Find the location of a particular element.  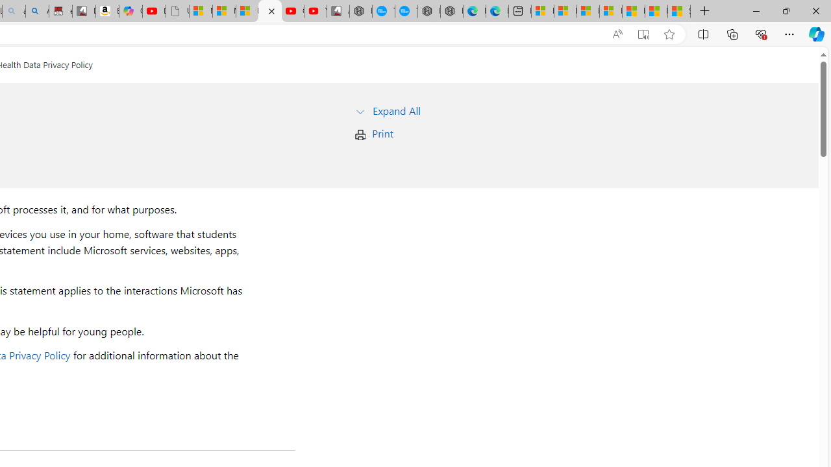

'Nordace - My Account' is located at coordinates (361, 11).